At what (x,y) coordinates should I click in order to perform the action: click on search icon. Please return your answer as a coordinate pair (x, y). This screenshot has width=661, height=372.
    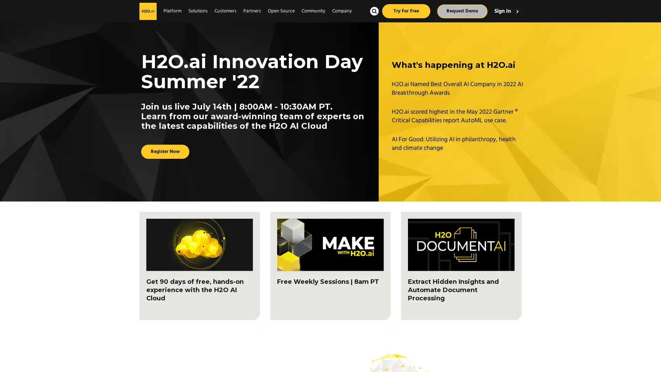
    Looking at the image, I should click on (374, 11).